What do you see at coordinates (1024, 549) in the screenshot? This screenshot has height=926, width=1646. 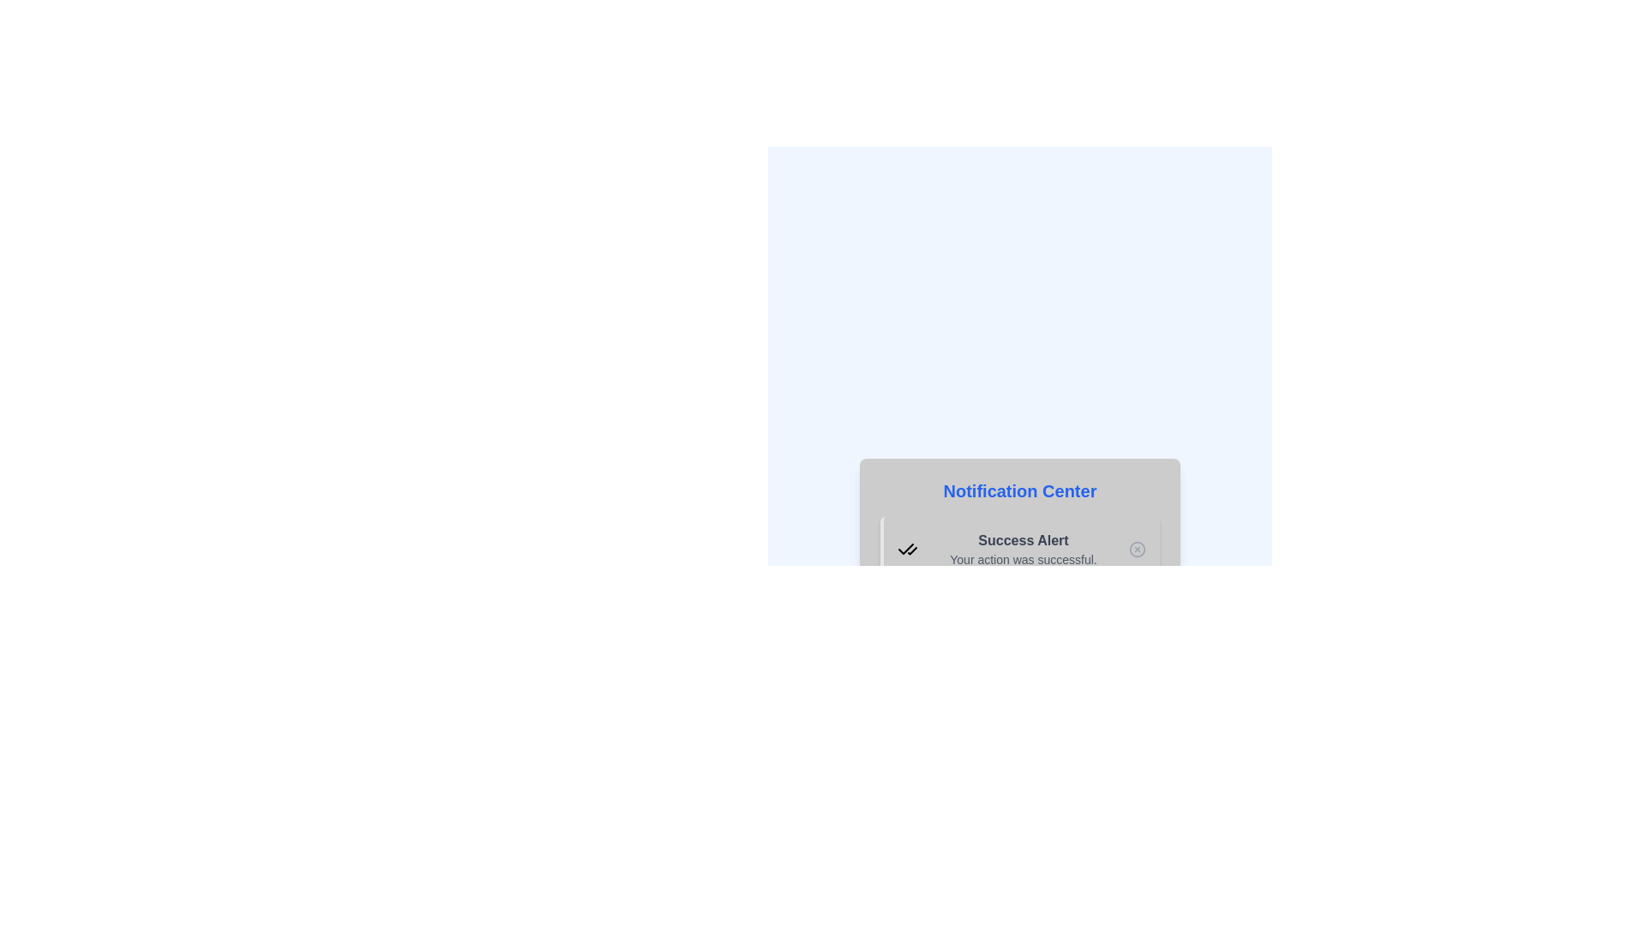 I see `'Success Alert' notification message displayed in a light gray background, which states 'Your action was successful.'` at bounding box center [1024, 549].